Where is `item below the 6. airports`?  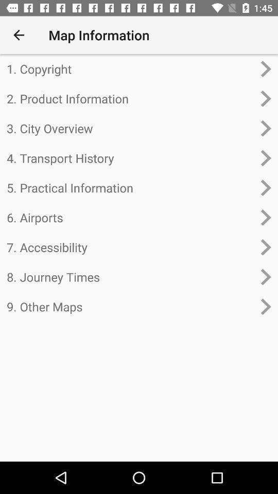
item below the 6. airports is located at coordinates (130, 247).